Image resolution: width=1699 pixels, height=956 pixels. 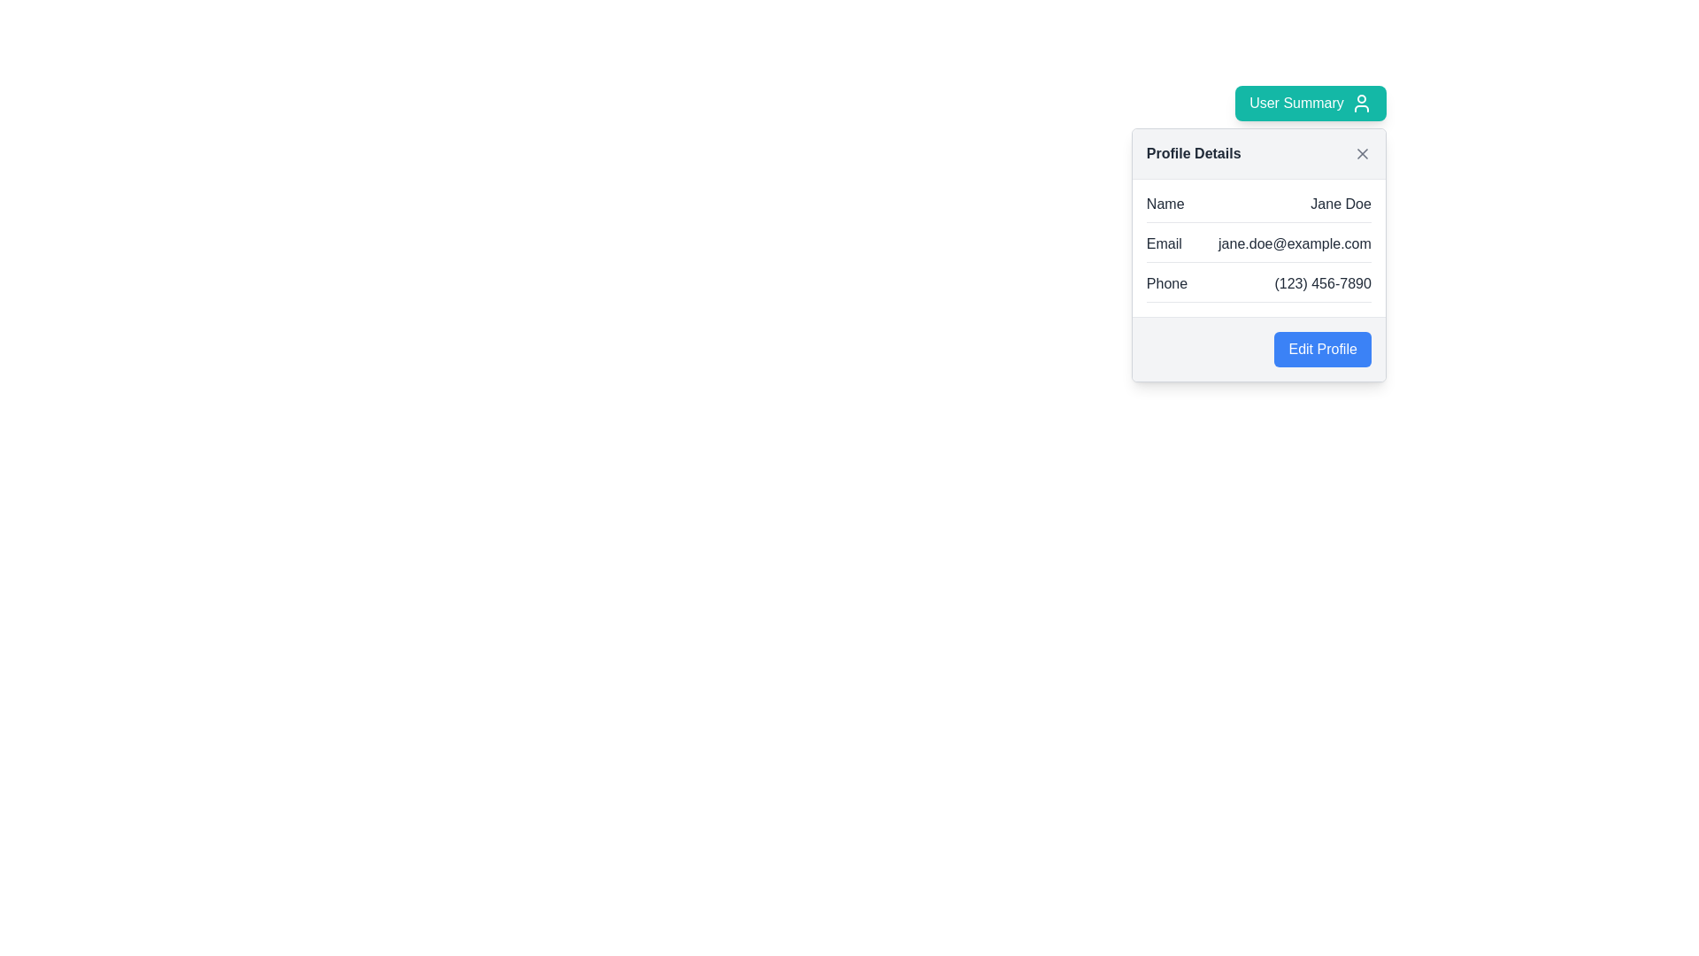 I want to click on the close button located at the top-right corner of the 'Profile Details' section header, so click(x=1361, y=152).